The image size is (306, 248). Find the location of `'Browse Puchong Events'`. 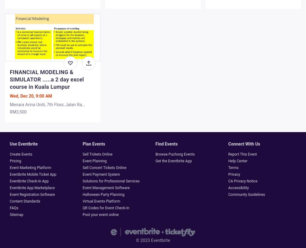

'Browse Puchong Events' is located at coordinates (175, 154).